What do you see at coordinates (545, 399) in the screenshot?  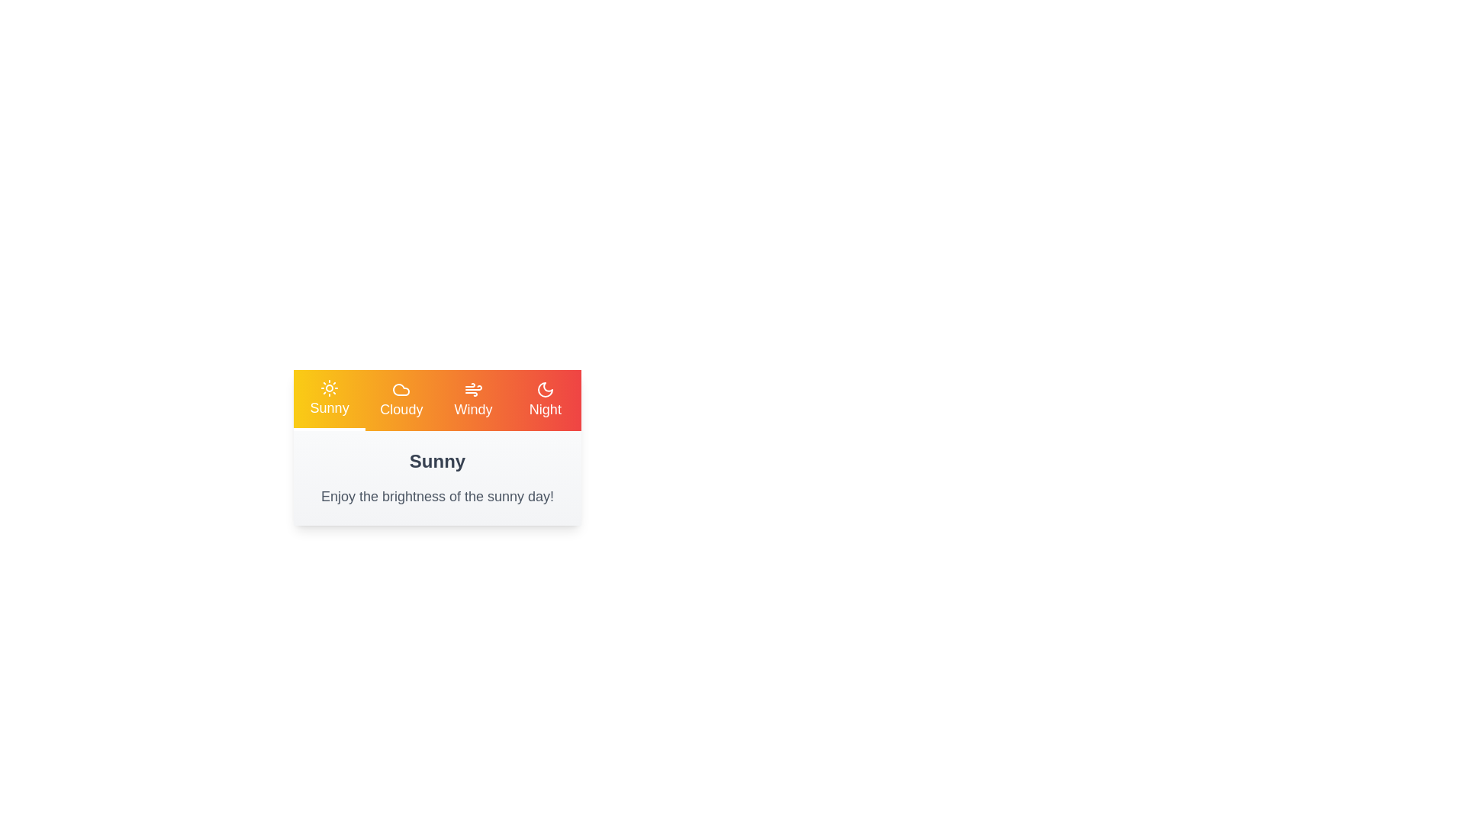 I see `the Night tab to observe its visual state change` at bounding box center [545, 399].